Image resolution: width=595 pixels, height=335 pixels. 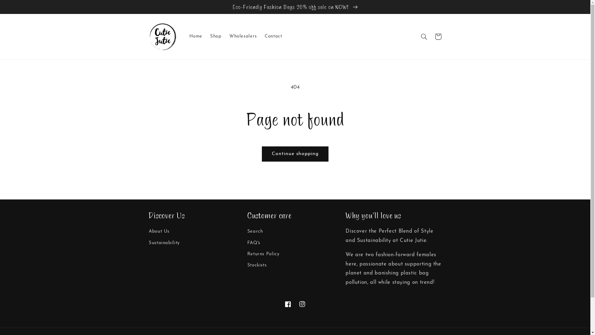 What do you see at coordinates (288, 303) in the screenshot?
I see `'Facebook'` at bounding box center [288, 303].